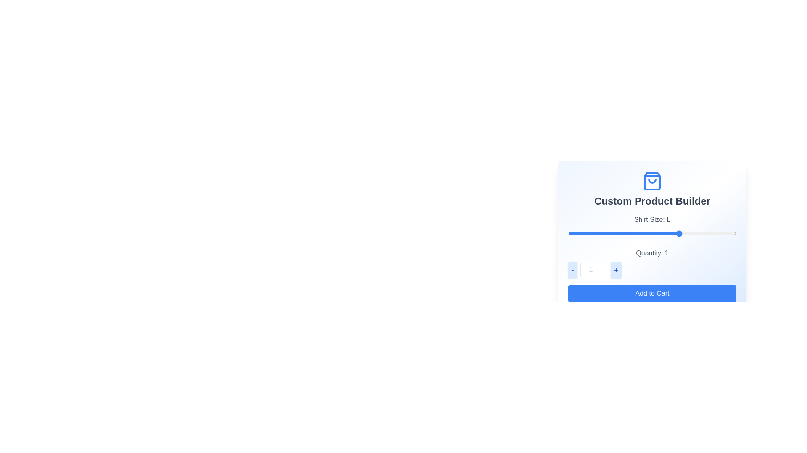  What do you see at coordinates (651, 189) in the screenshot?
I see `the Header with an icon that identifies the custom product builder interface, located above the 'Shirt Size: L' text and other controls` at bounding box center [651, 189].